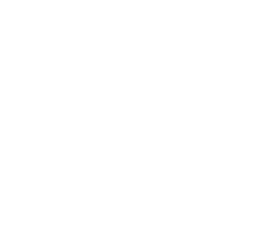 The width and height of the screenshot is (257, 243). I want to click on '© 2023 SmartBrief, is a division of Future US LLC, Full 7th Floor, 130 West 42nd Street, New York, NY, 10036. All rights reserved.', so click(128, 224).